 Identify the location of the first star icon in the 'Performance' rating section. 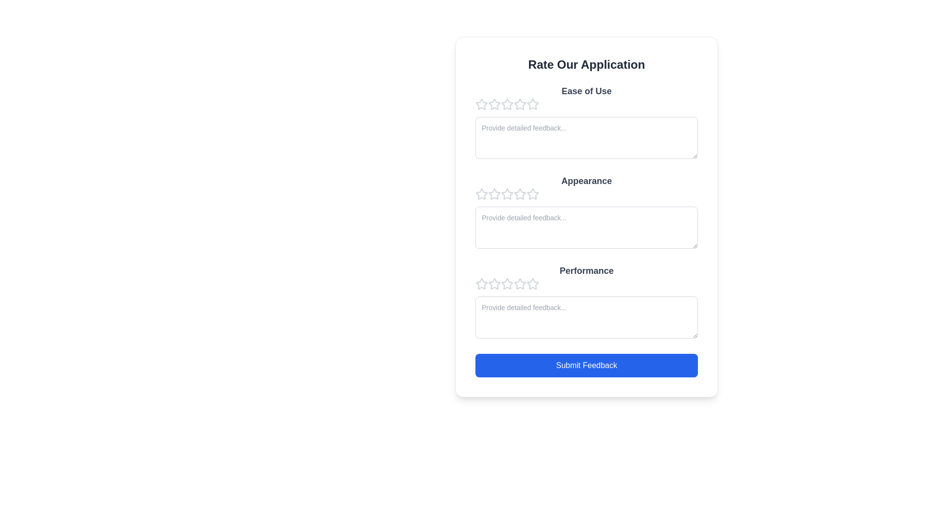
(481, 284).